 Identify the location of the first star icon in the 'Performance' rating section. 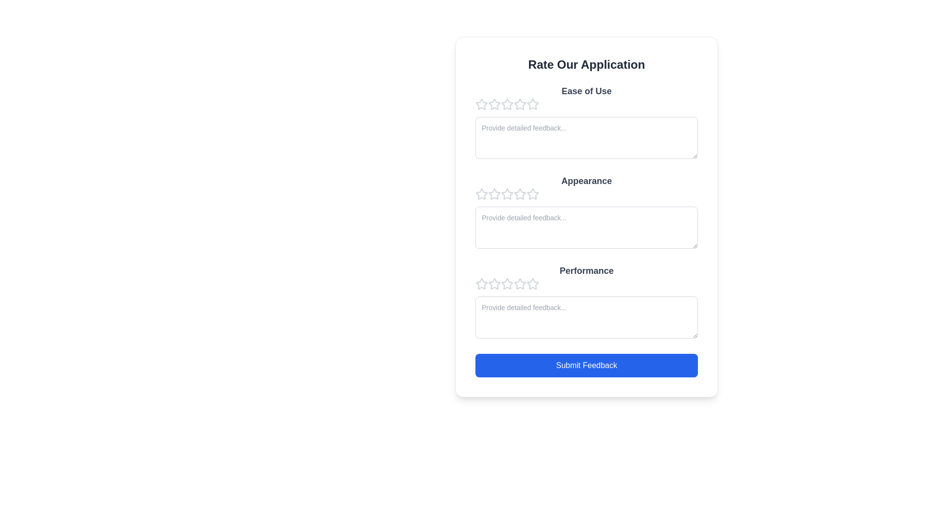
(481, 284).